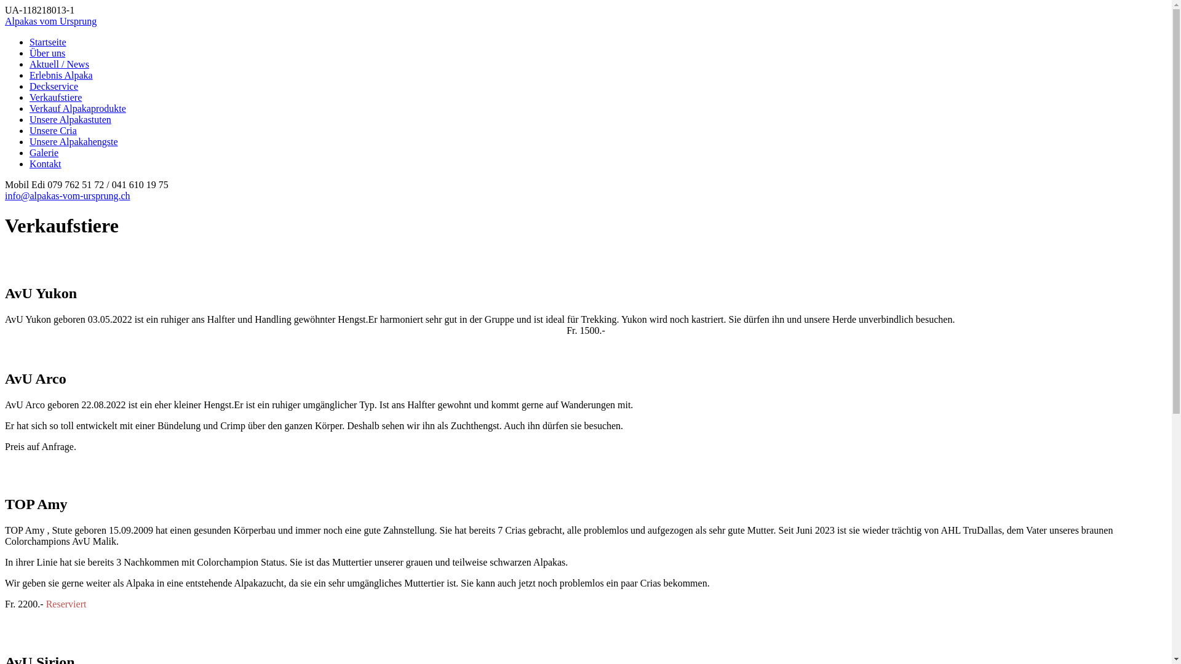  What do you see at coordinates (58, 64) in the screenshot?
I see `'Aktuell / News'` at bounding box center [58, 64].